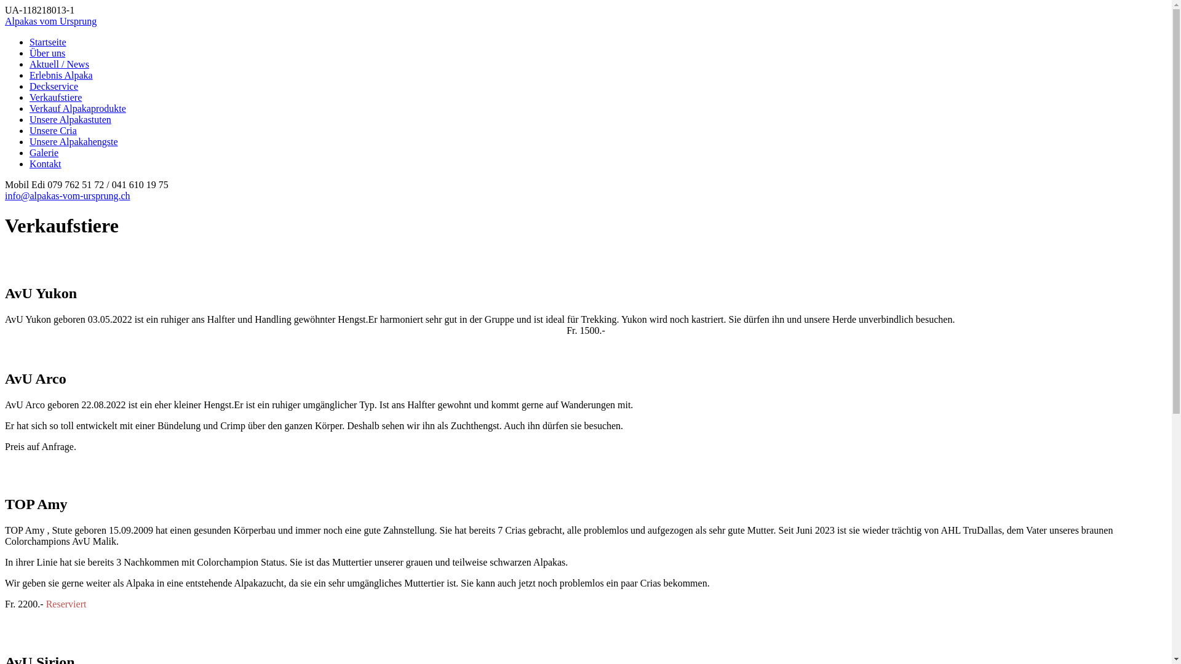  What do you see at coordinates (58, 64) in the screenshot?
I see `'Aktuell / News'` at bounding box center [58, 64].